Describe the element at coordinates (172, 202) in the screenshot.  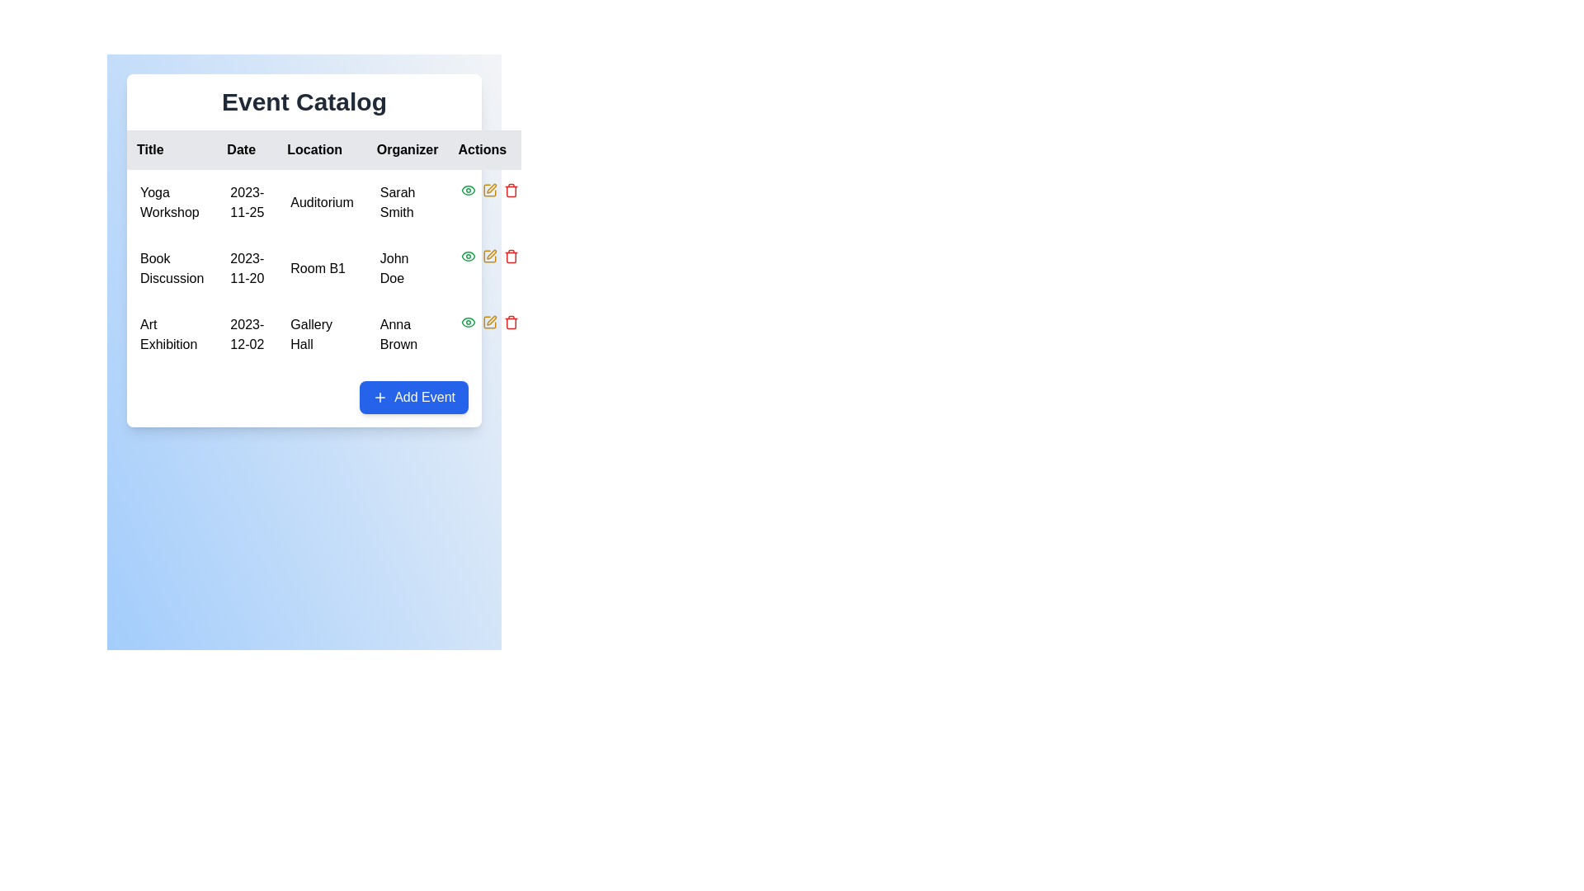
I see `the static text element displaying 'Yoga Workshop' in the first row of the table under the 'Title' column` at that location.